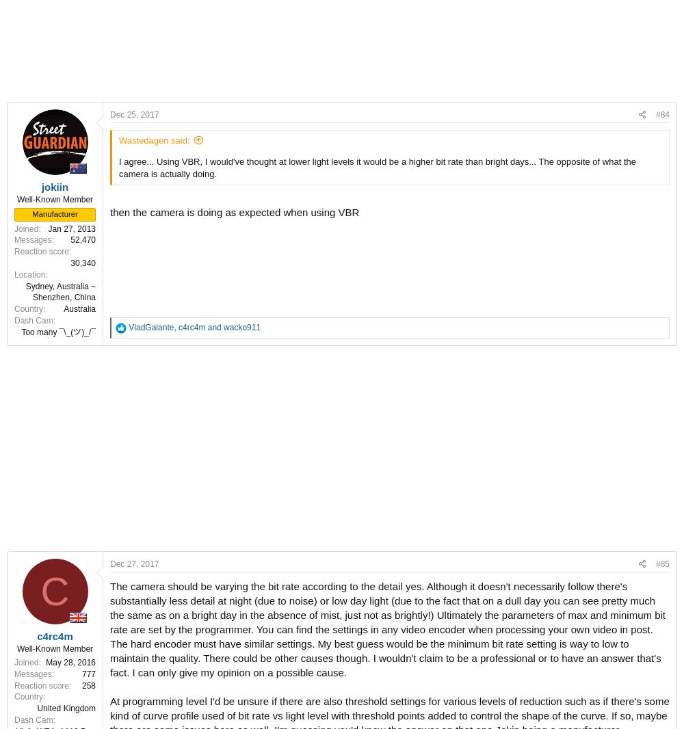  Describe the element at coordinates (387, 629) in the screenshot. I see `'The camera should be varying the bit rate according to the detail yes. Although it doesn't necessarily follow there's substantially less detail at night (due to noise) or low day light (due to the fact that on a dull day you can see pretty much the same as on a bright day in the absence of mist, just not as brightly!) Ultimately the parameters of max and minimum bit rate are set by the programmer. You can find the settings in any video encoder when processing your own video in post. The hard encoder must have similar settings. My best guess would be the minimum bit rate setting is way to low to maintain the quality. There could be other causes though. I wouldn't claim to be a professional or to have an answer that's fact. I can only give my opinion on a possible cause.'` at that location.